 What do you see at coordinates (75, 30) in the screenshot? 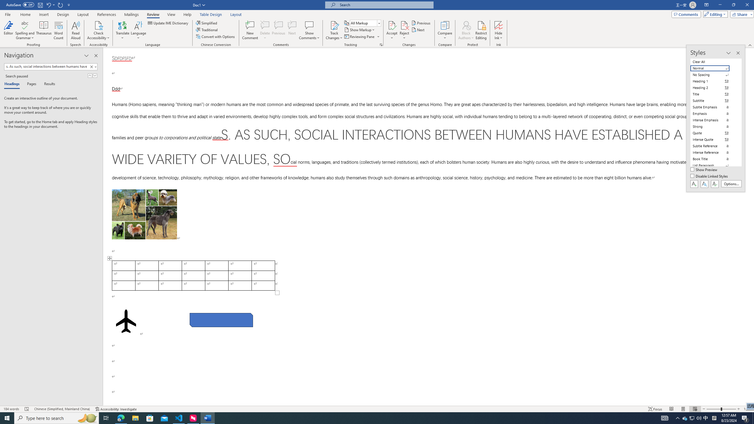
I see `'Read Aloud'` at bounding box center [75, 30].